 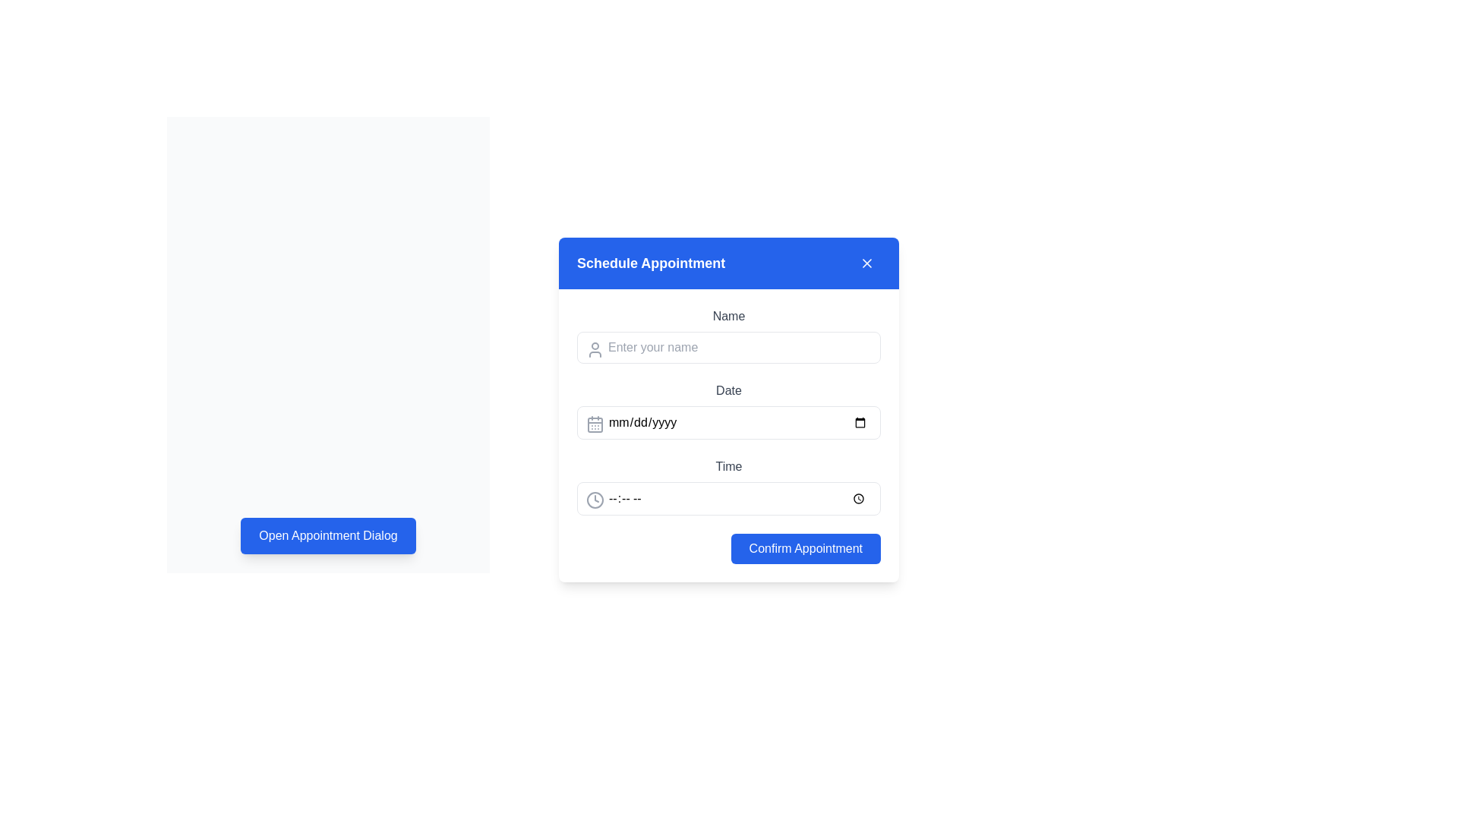 I want to click on the circular button with a close icon in the header of the 'Schedule Appointment' modal, so click(x=867, y=263).